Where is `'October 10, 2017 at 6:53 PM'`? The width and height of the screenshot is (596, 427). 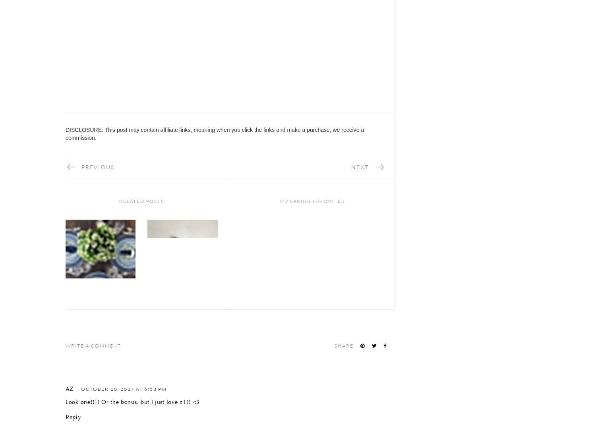 'October 10, 2017 at 6:53 PM' is located at coordinates (124, 388).